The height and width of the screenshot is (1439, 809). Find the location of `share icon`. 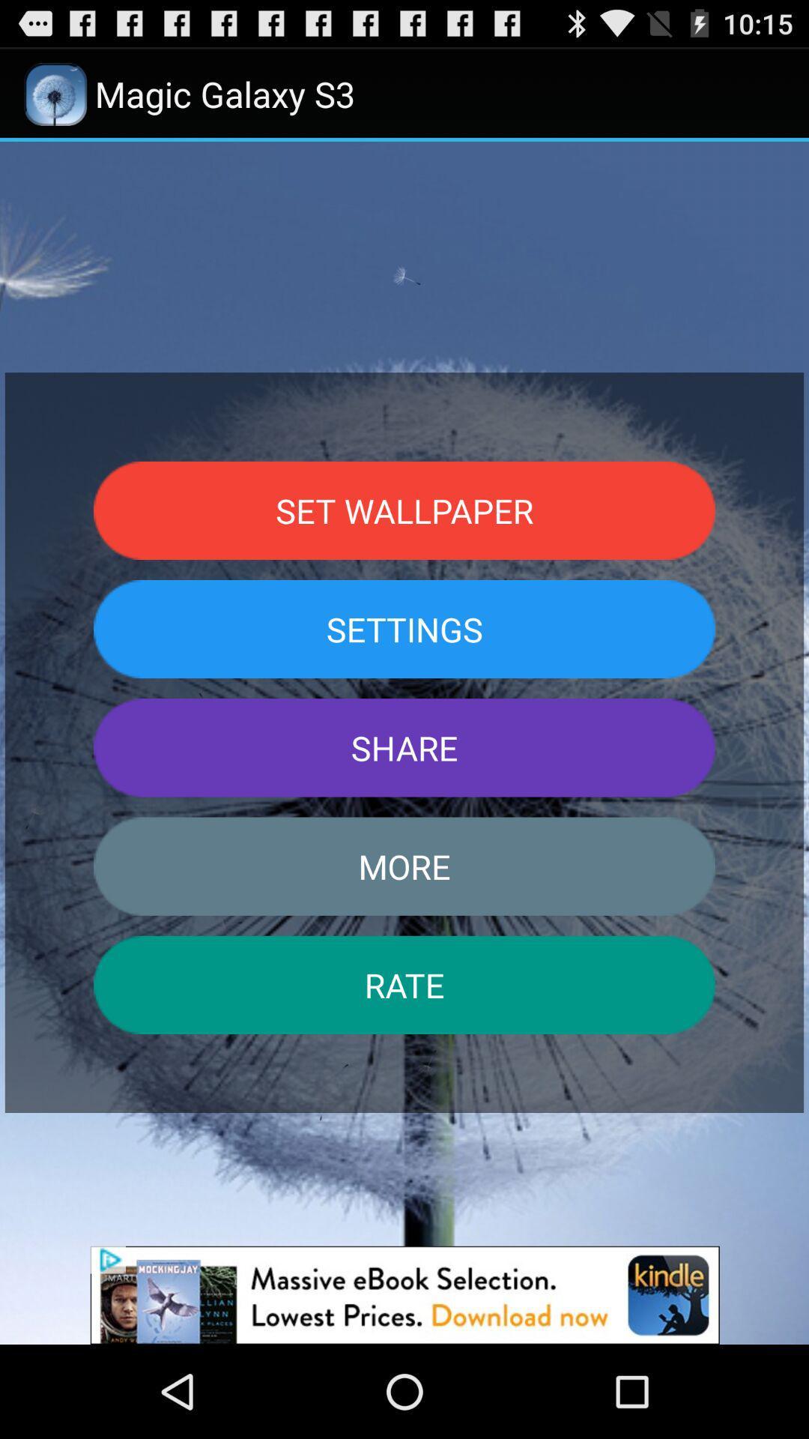

share icon is located at coordinates (404, 747).